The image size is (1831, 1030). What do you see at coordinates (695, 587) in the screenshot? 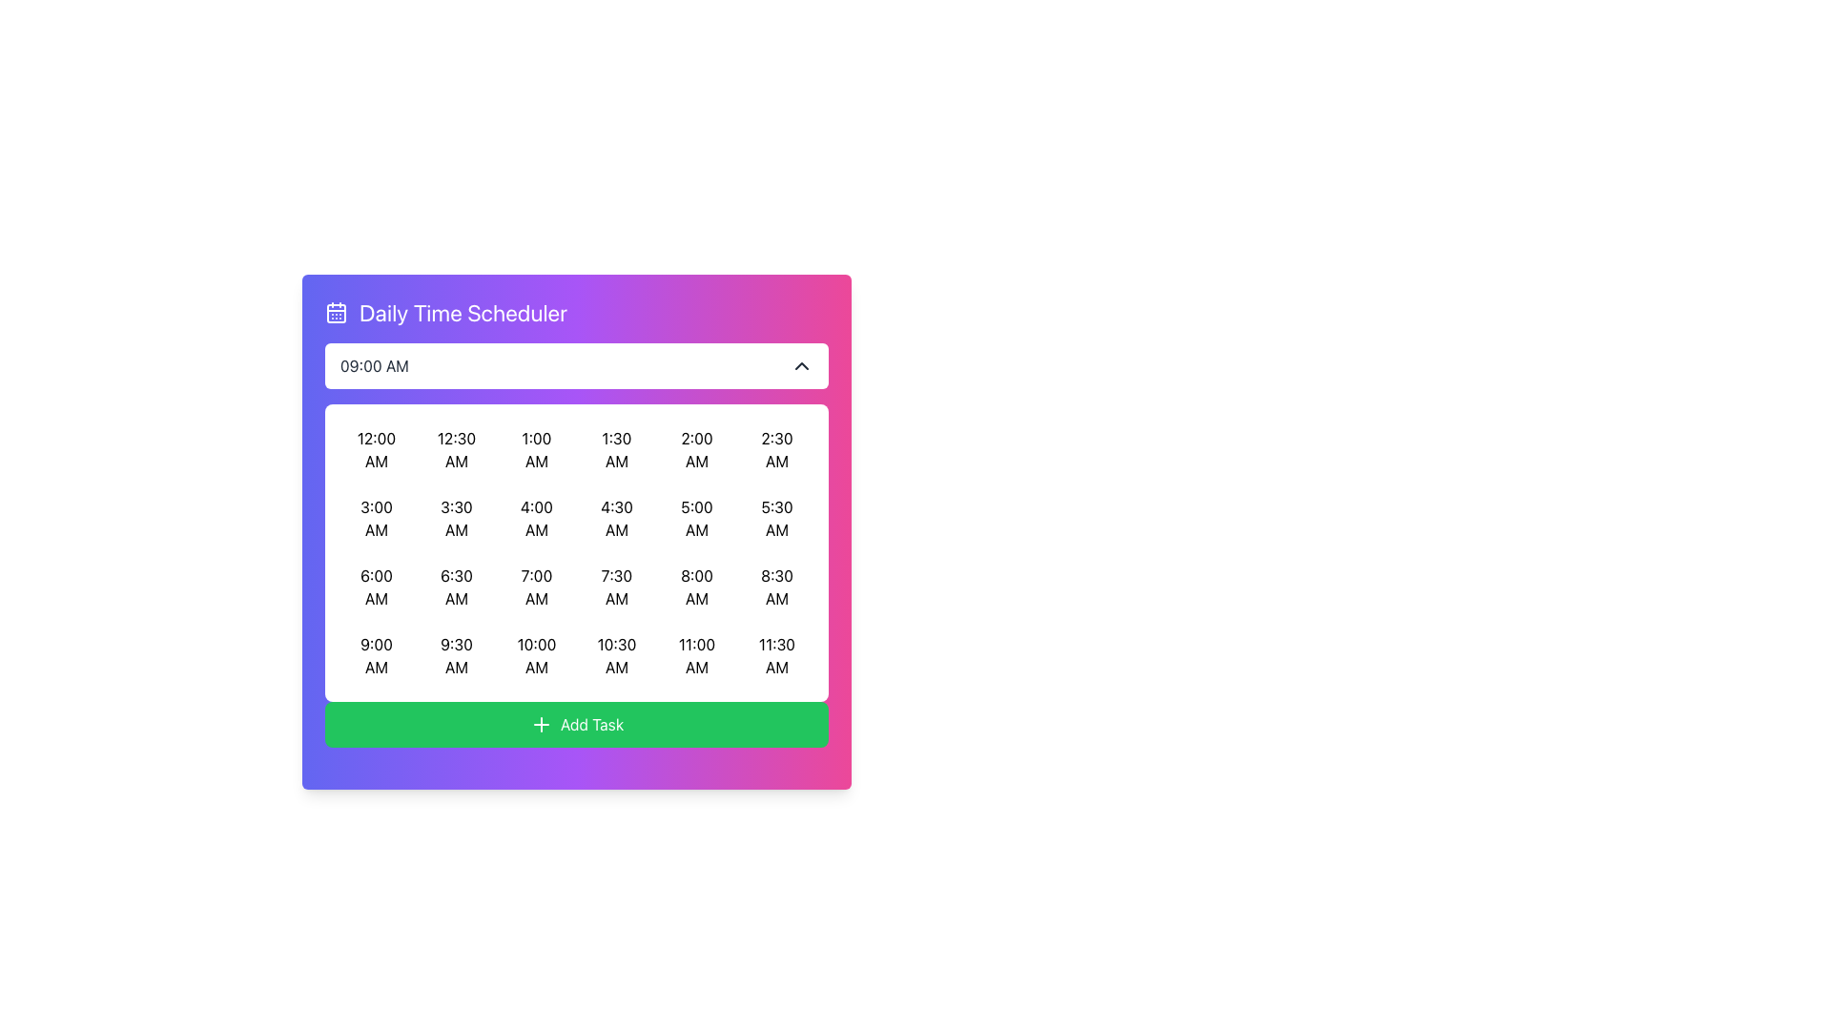
I see `the 18th cell in the scheduling grid` at bounding box center [695, 587].